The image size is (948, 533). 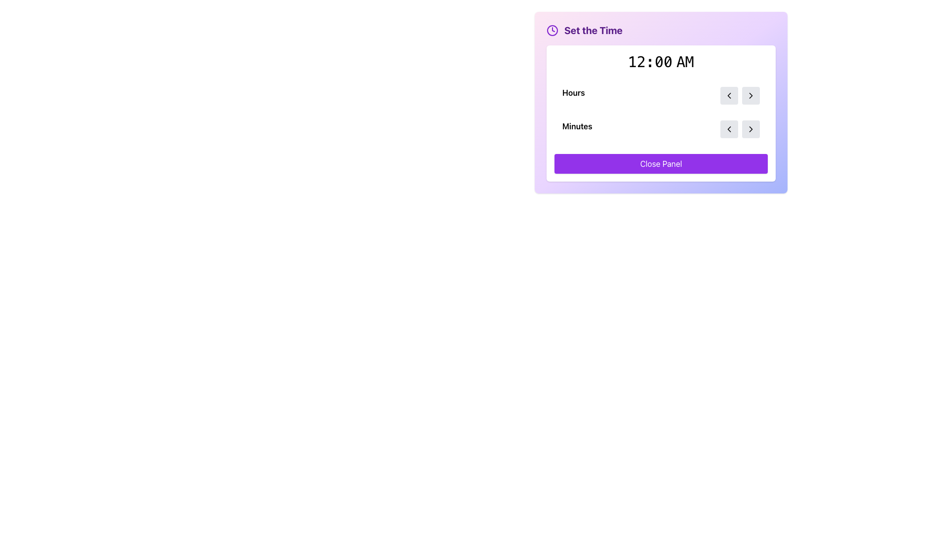 I want to click on the static text header labeling the time-related information section, which is located next to the clock icon in the header area of the time picker module, so click(x=592, y=30).